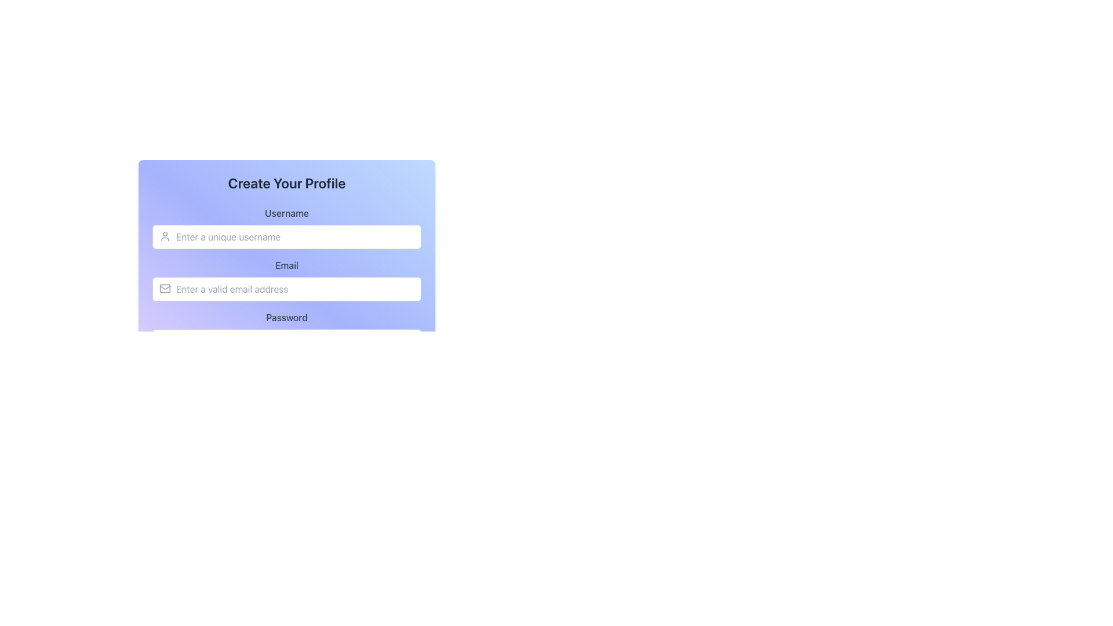 The width and height of the screenshot is (1113, 626). Describe the element at coordinates (286, 317) in the screenshot. I see `label that describes the password input field in the 'Create Your Profile' form, which is the third text element positioned below the 'Email' field` at that location.